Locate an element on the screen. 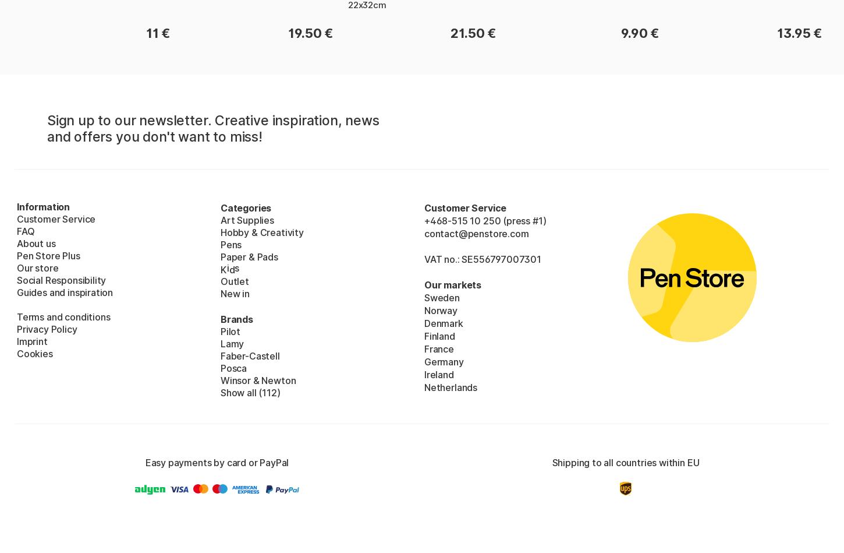 The width and height of the screenshot is (844, 553). 'contact@penstore.com' is located at coordinates (424, 233).